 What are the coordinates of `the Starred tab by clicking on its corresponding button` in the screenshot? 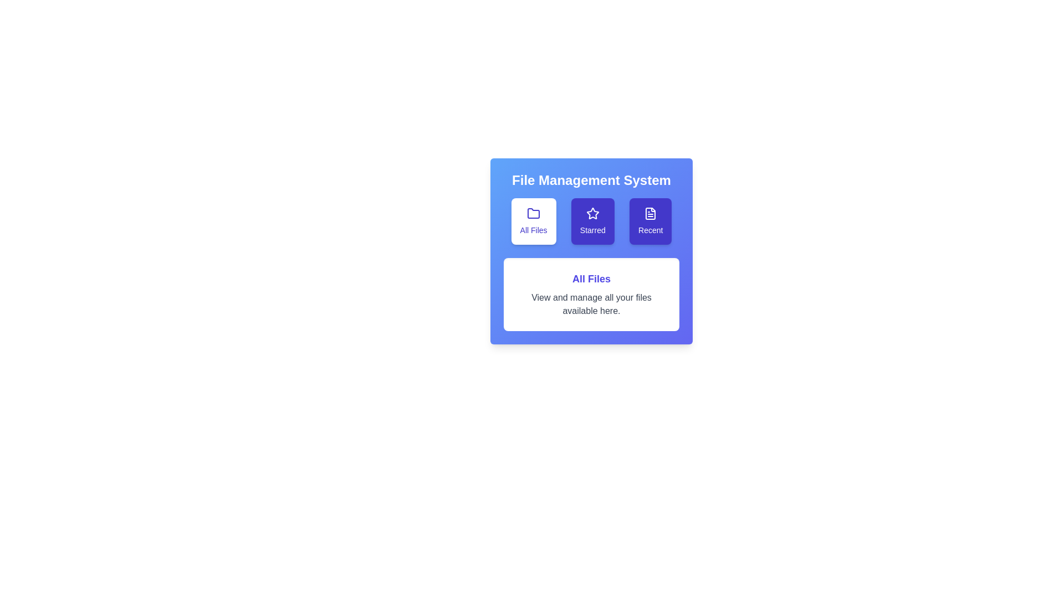 It's located at (592, 221).